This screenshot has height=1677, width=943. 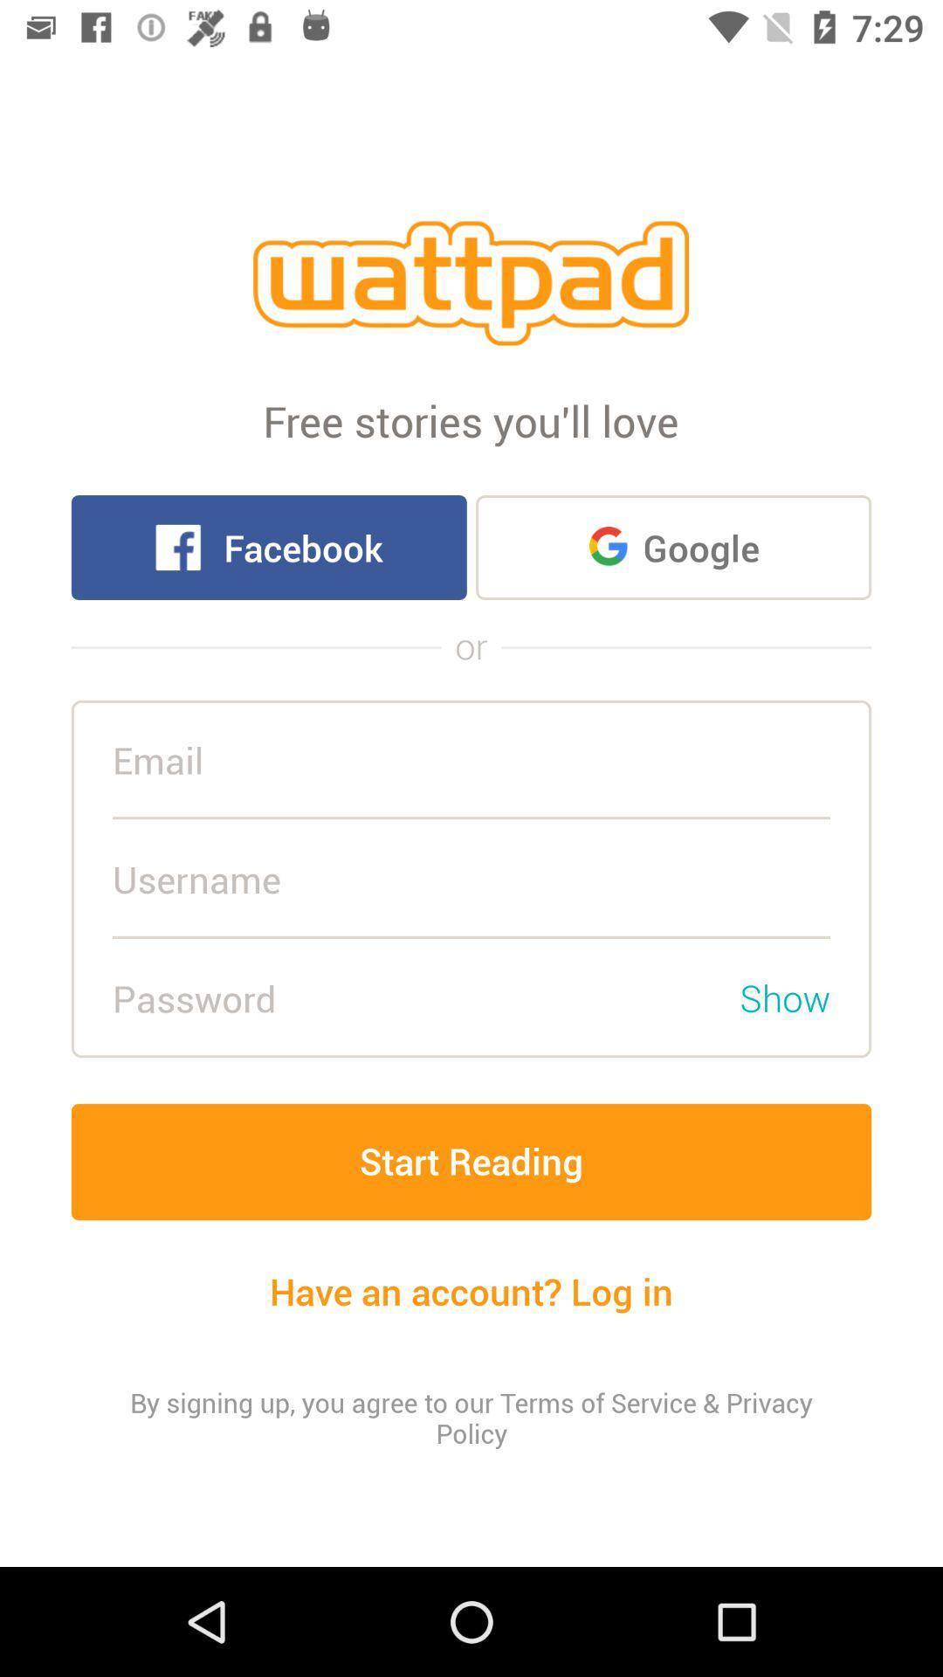 I want to click on the email field, so click(x=471, y=760).